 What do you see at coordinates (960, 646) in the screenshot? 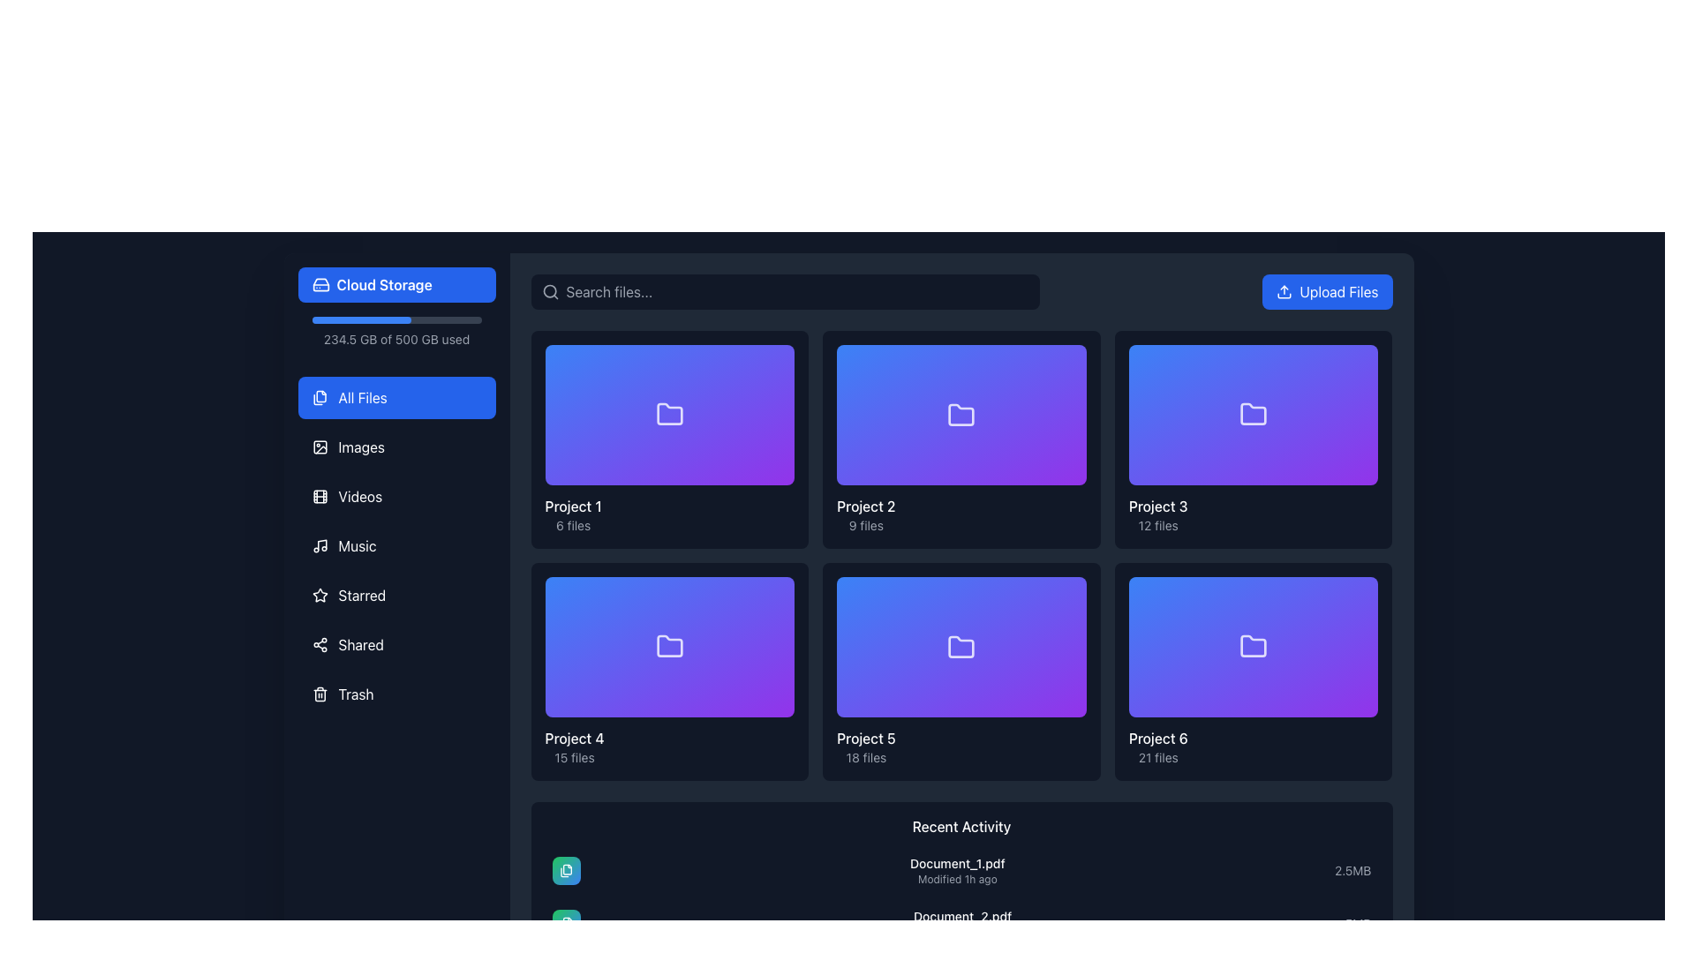
I see `the folder icon representing 'Project 5' located` at bounding box center [960, 646].